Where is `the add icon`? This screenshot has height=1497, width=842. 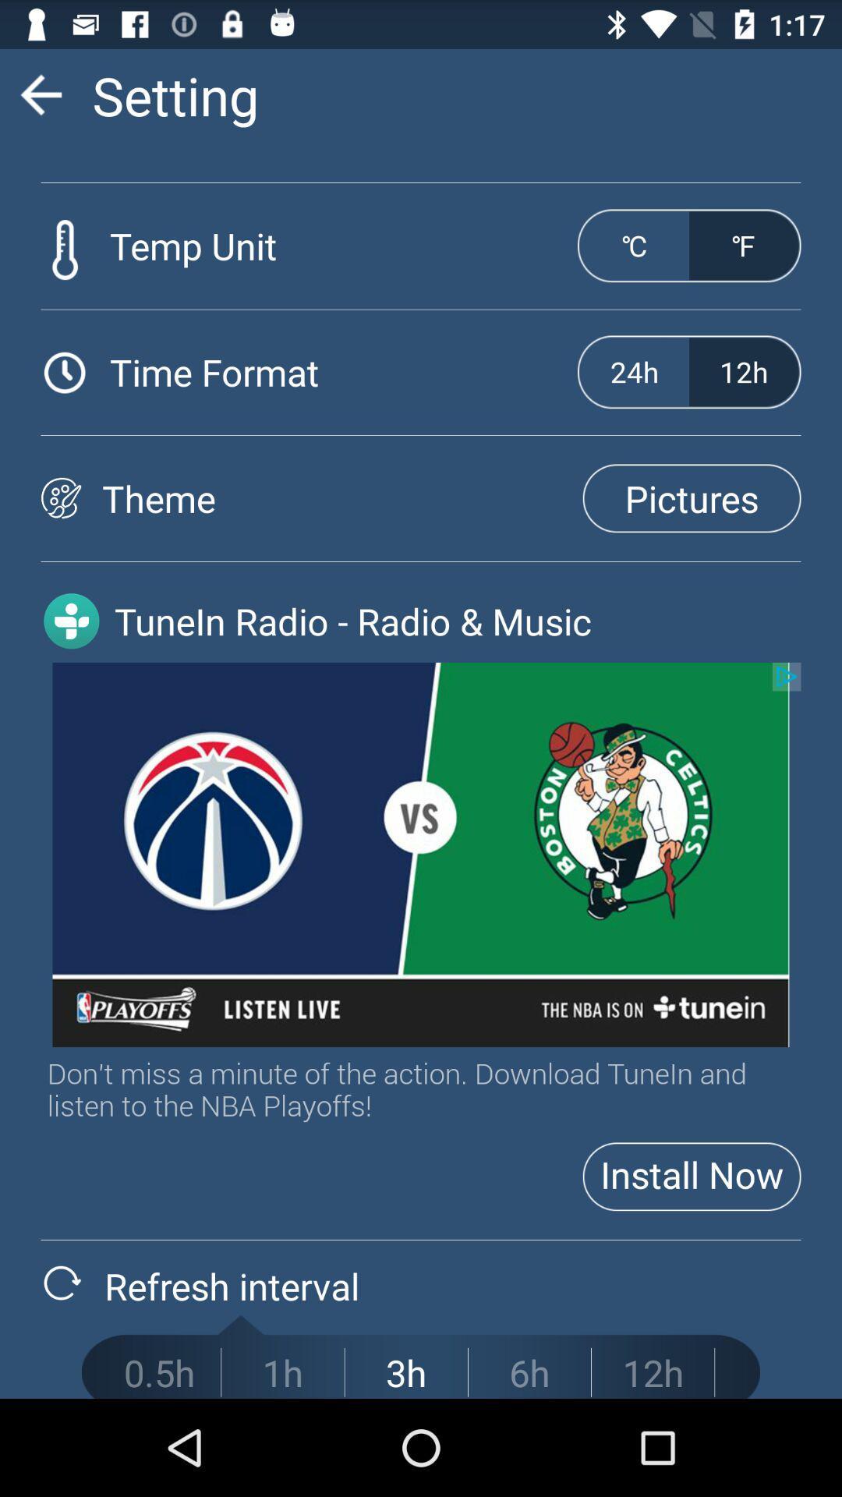 the add icon is located at coordinates (71, 664).